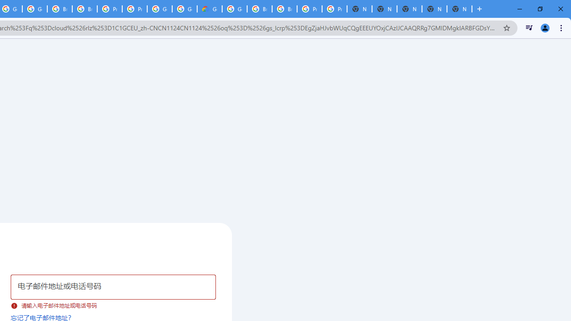 The width and height of the screenshot is (571, 321). I want to click on 'Browse Chrome as a guest - Computer - Google Chrome Help', so click(259, 9).